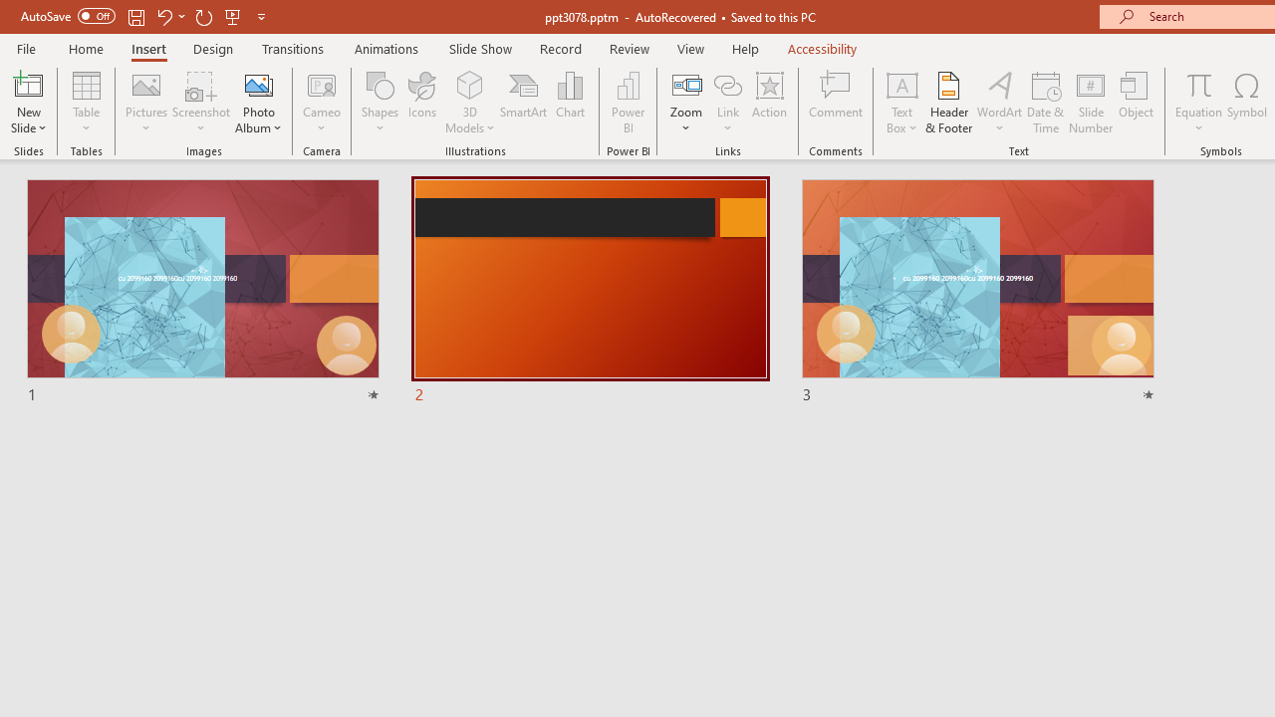 This screenshot has width=1275, height=717. What do you see at coordinates (203, 16) in the screenshot?
I see `'Redo'` at bounding box center [203, 16].